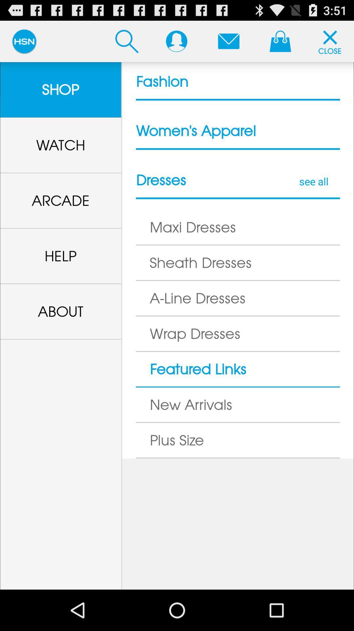  Describe the element at coordinates (176, 41) in the screenshot. I see `profile button` at that location.